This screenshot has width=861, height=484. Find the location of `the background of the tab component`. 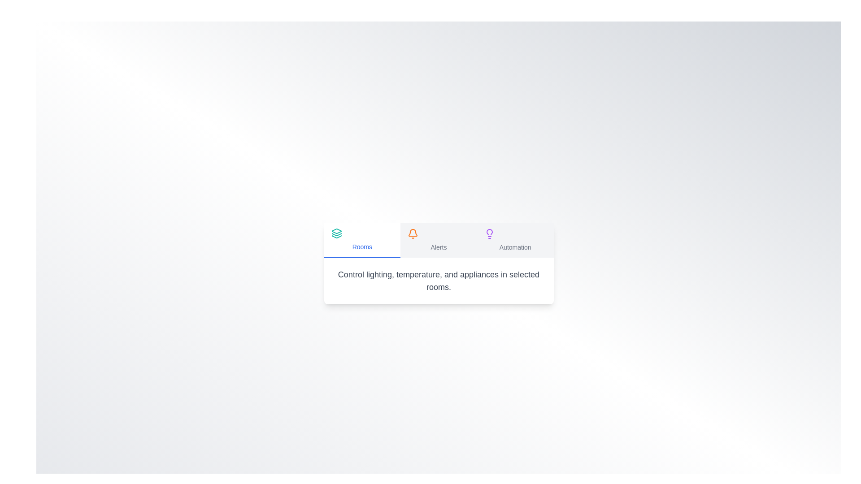

the background of the tab component is located at coordinates (439, 242).